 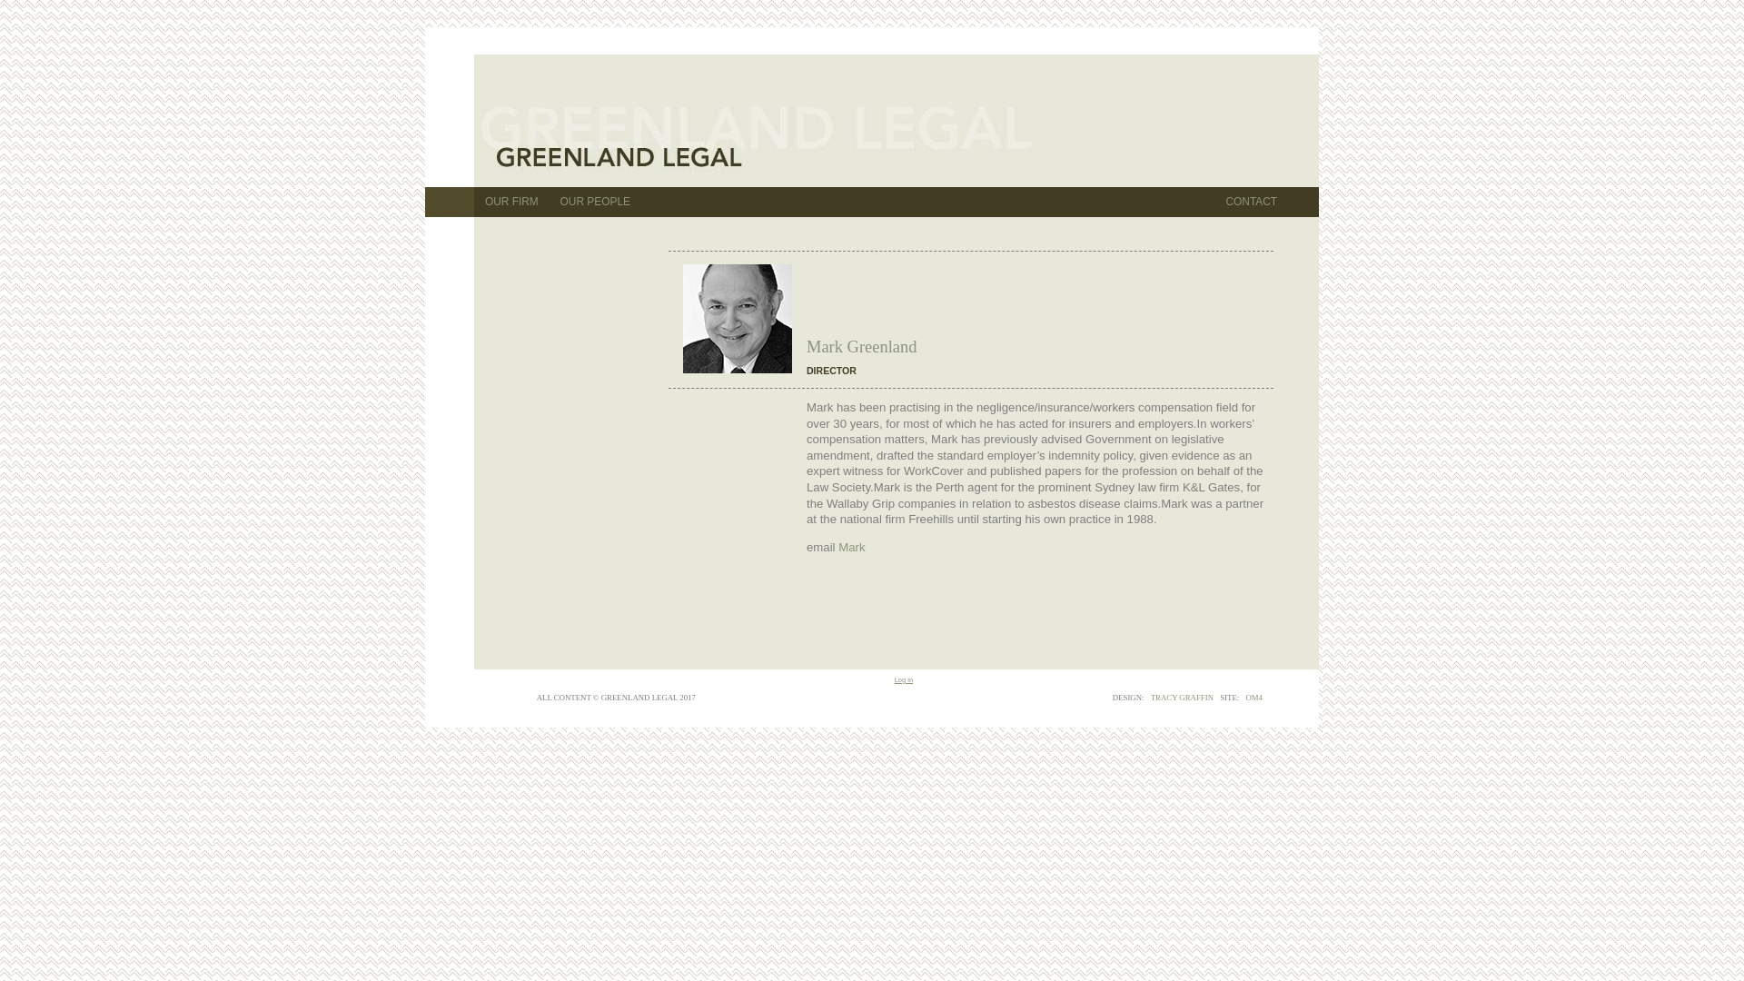 I want to click on 'Mark', so click(x=850, y=546).